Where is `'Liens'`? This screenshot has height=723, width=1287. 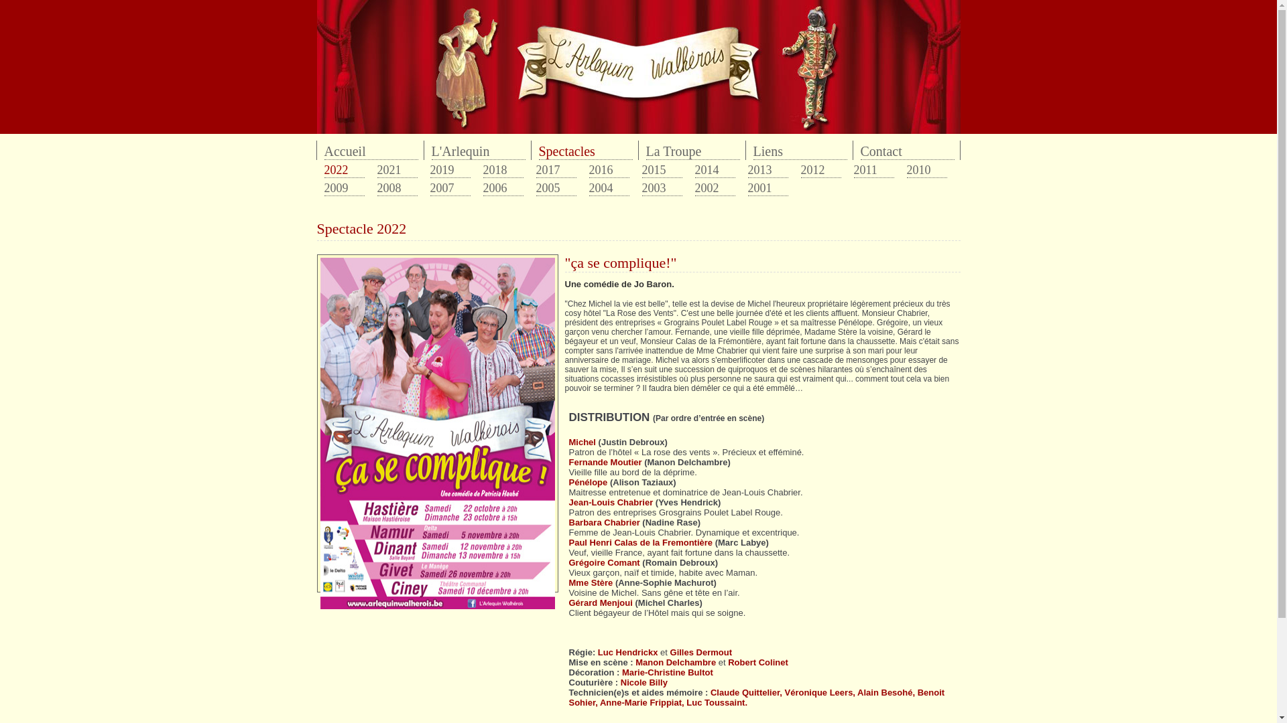
'Liens' is located at coordinates (753, 151).